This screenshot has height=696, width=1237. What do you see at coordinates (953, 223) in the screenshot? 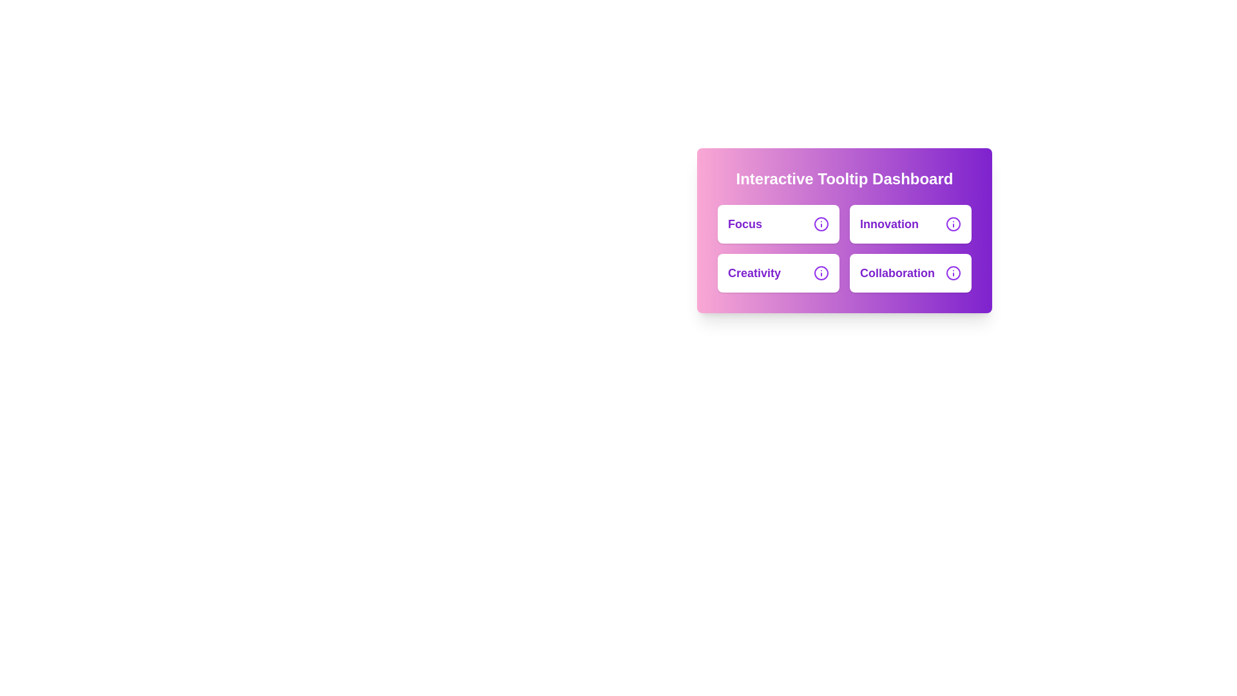
I see `the circular icon with a purple outline and an 'i' symbol, located to the right of the text 'Innovation'` at bounding box center [953, 223].